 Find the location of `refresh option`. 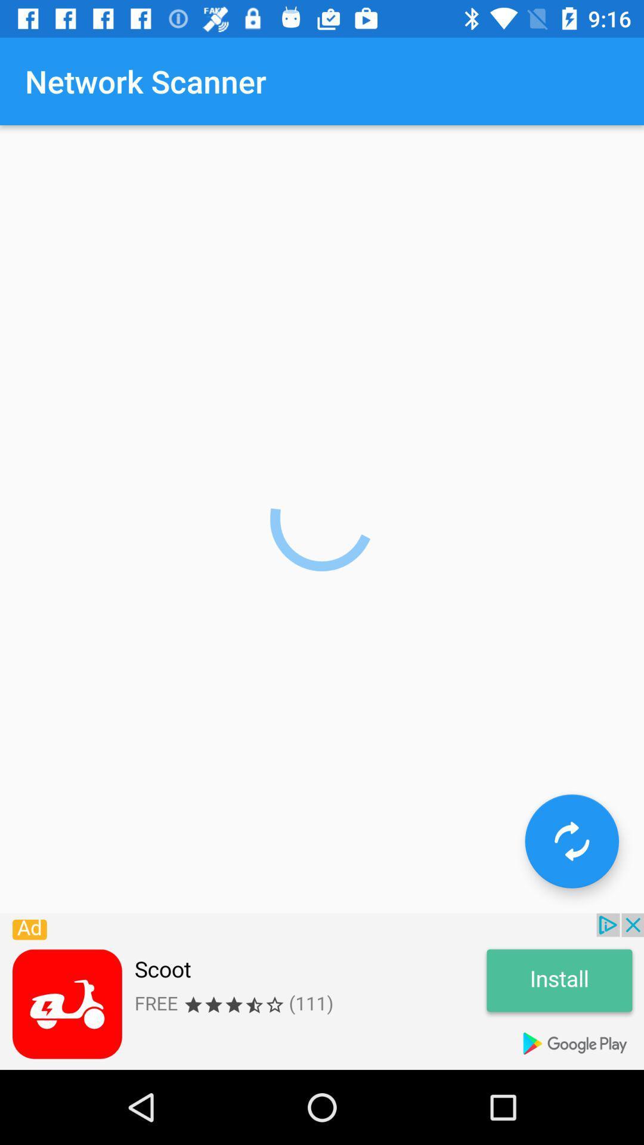

refresh option is located at coordinates (571, 840).